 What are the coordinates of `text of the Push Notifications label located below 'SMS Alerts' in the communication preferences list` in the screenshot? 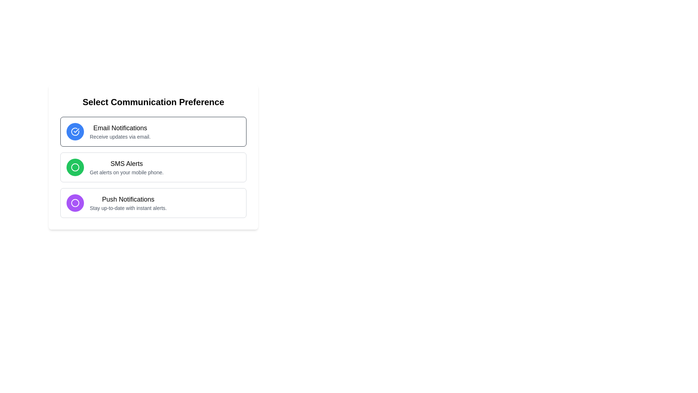 It's located at (128, 199).